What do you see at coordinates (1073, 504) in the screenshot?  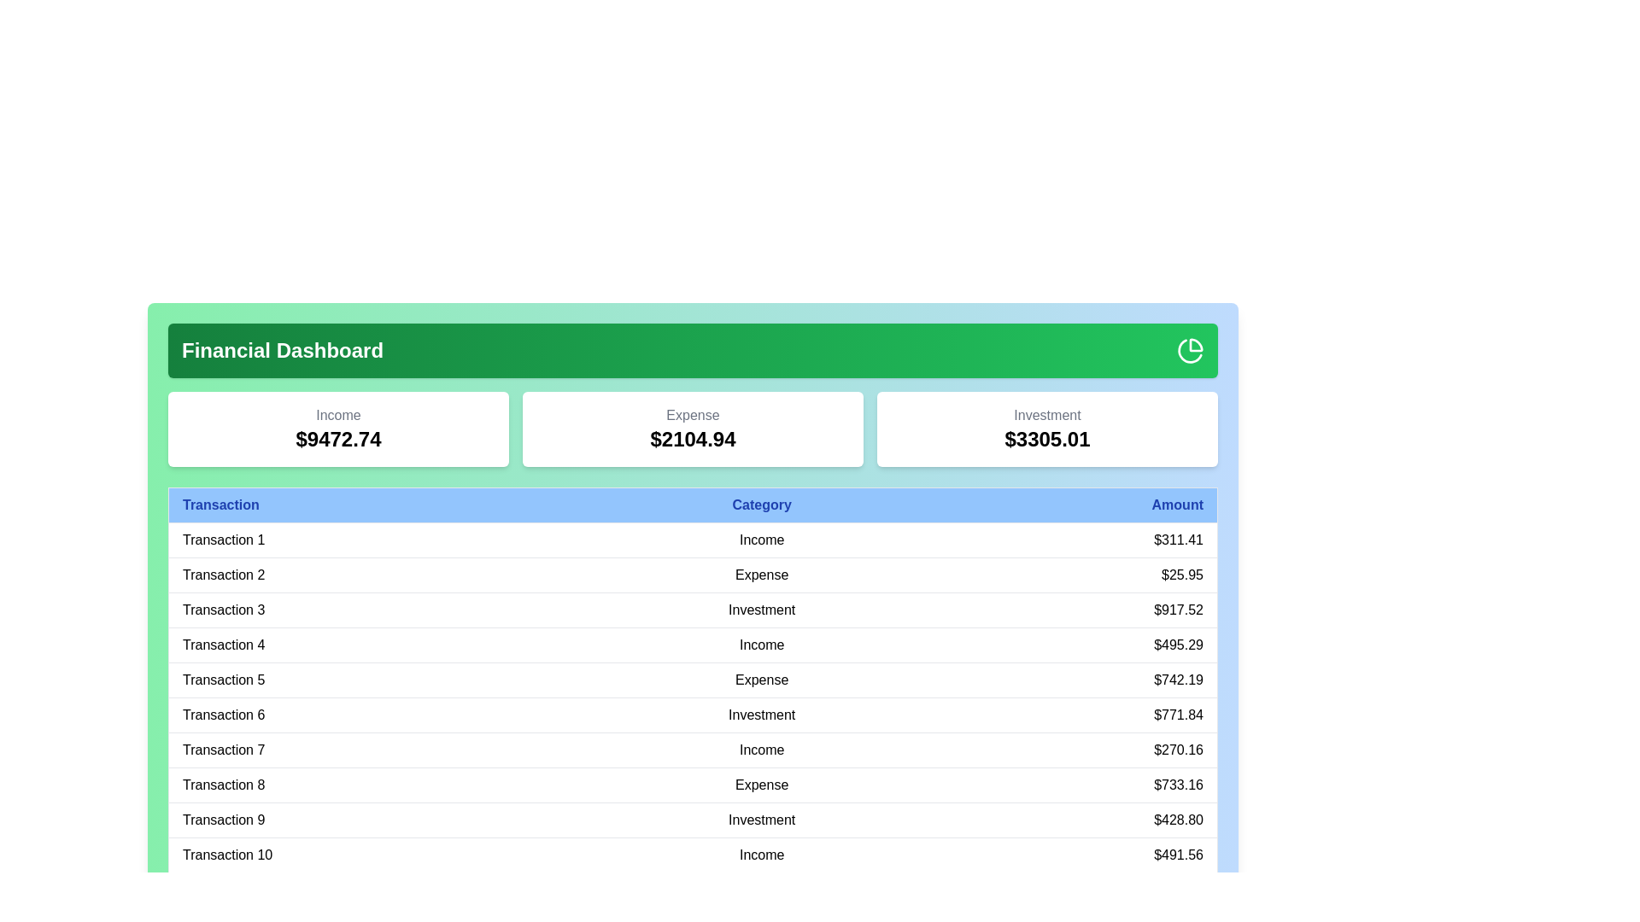 I see `the column header to sort by Amount` at bounding box center [1073, 504].